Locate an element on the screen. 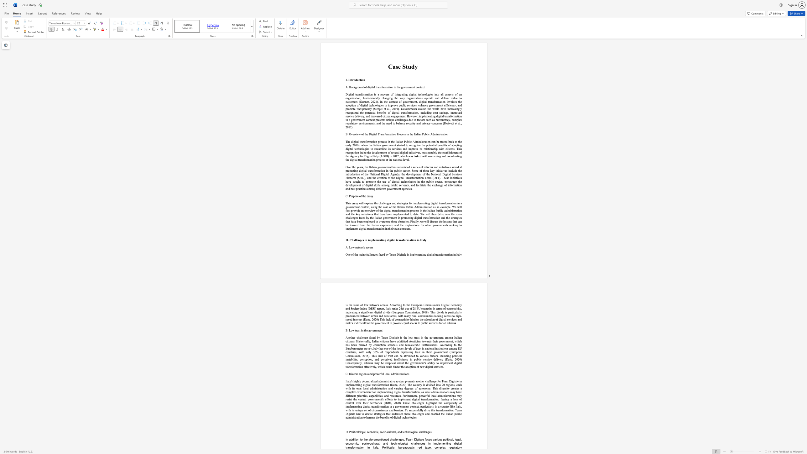 The image size is (807, 454). the subset text "implementing digital transformation in" within the text "II. Challenges in implementing digital transformation in Italy" is located at coordinates (367, 240).